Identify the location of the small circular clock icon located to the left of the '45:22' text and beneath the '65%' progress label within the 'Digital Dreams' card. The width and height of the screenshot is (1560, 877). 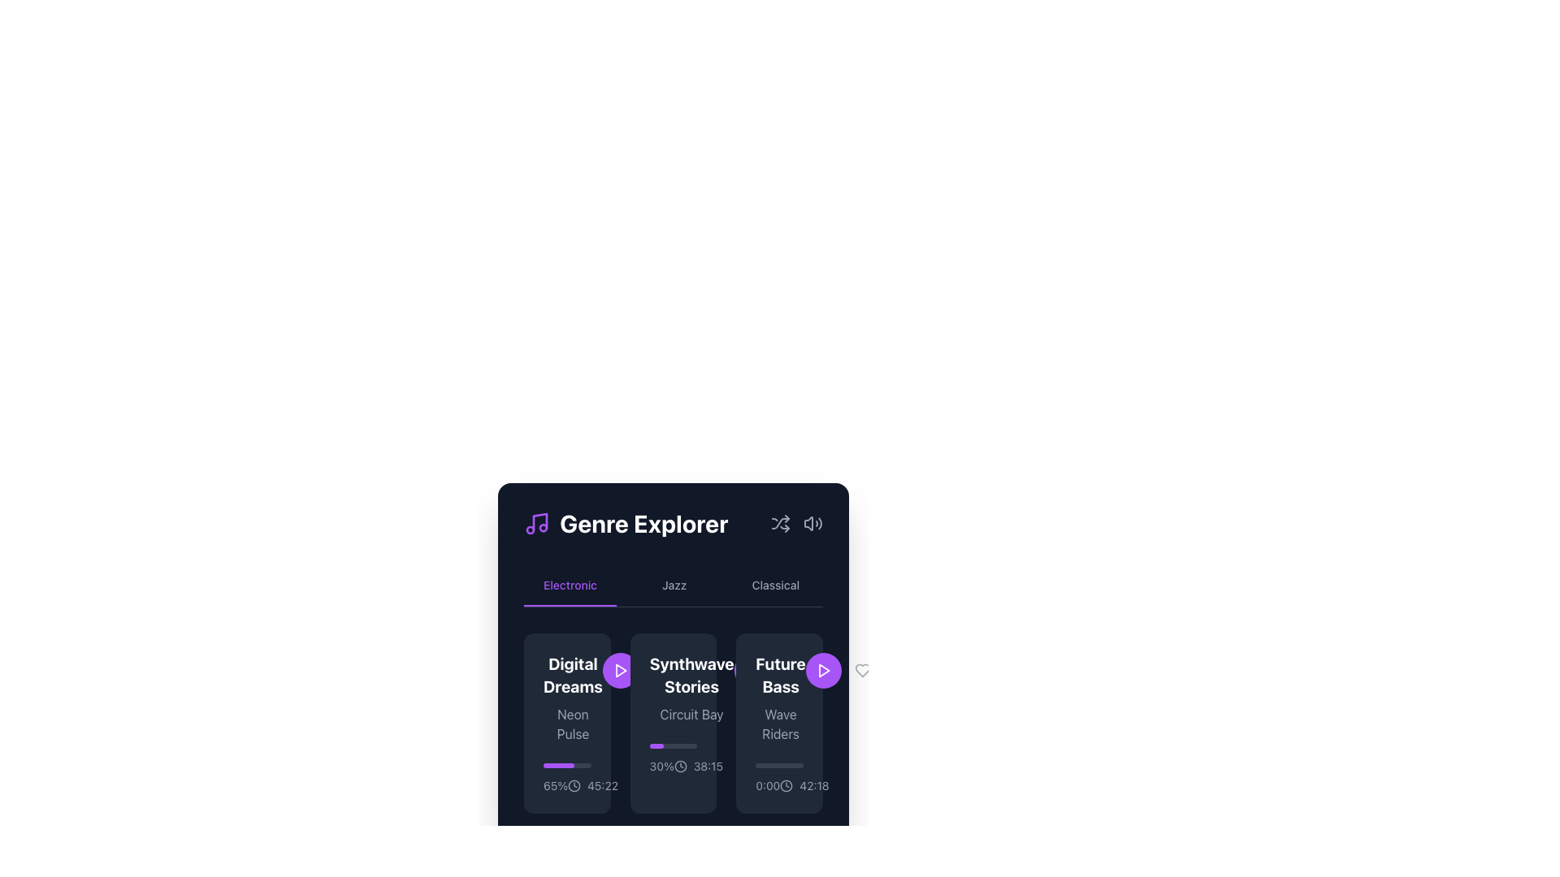
(574, 785).